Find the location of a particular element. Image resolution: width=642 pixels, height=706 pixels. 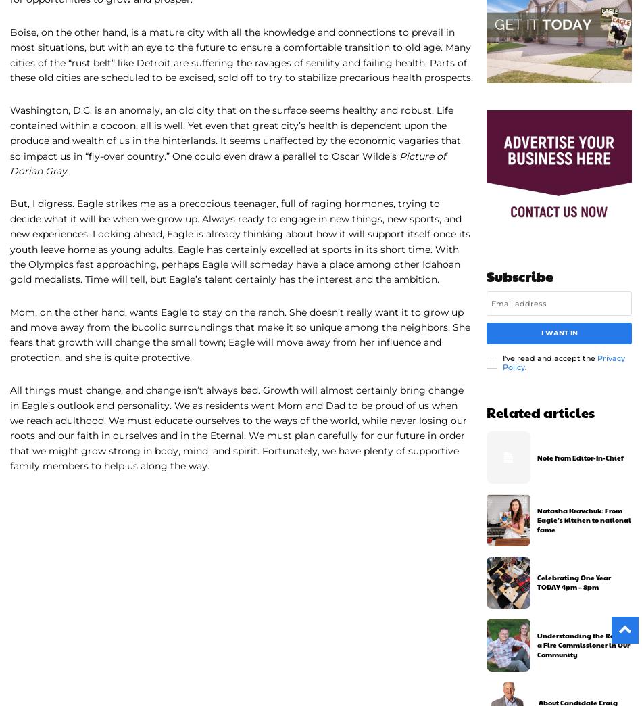

'Boise, on the other hand, is a mature city with all the knowledge and connections to prevail in most situations, but with an eye to the future to ensure a comfortable transition to old age. Many cities of the “rust belt” like Detroit are suffering the ravages of senility and failing health. Parts of these old cities are scheduled to be excised, sold off to try to stabilize precarious health prospects.' is located at coordinates (241, 54).